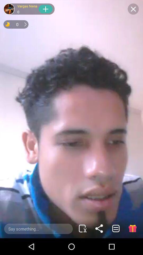 The image size is (143, 255). I want to click on the cropping icon, so click(82, 228).